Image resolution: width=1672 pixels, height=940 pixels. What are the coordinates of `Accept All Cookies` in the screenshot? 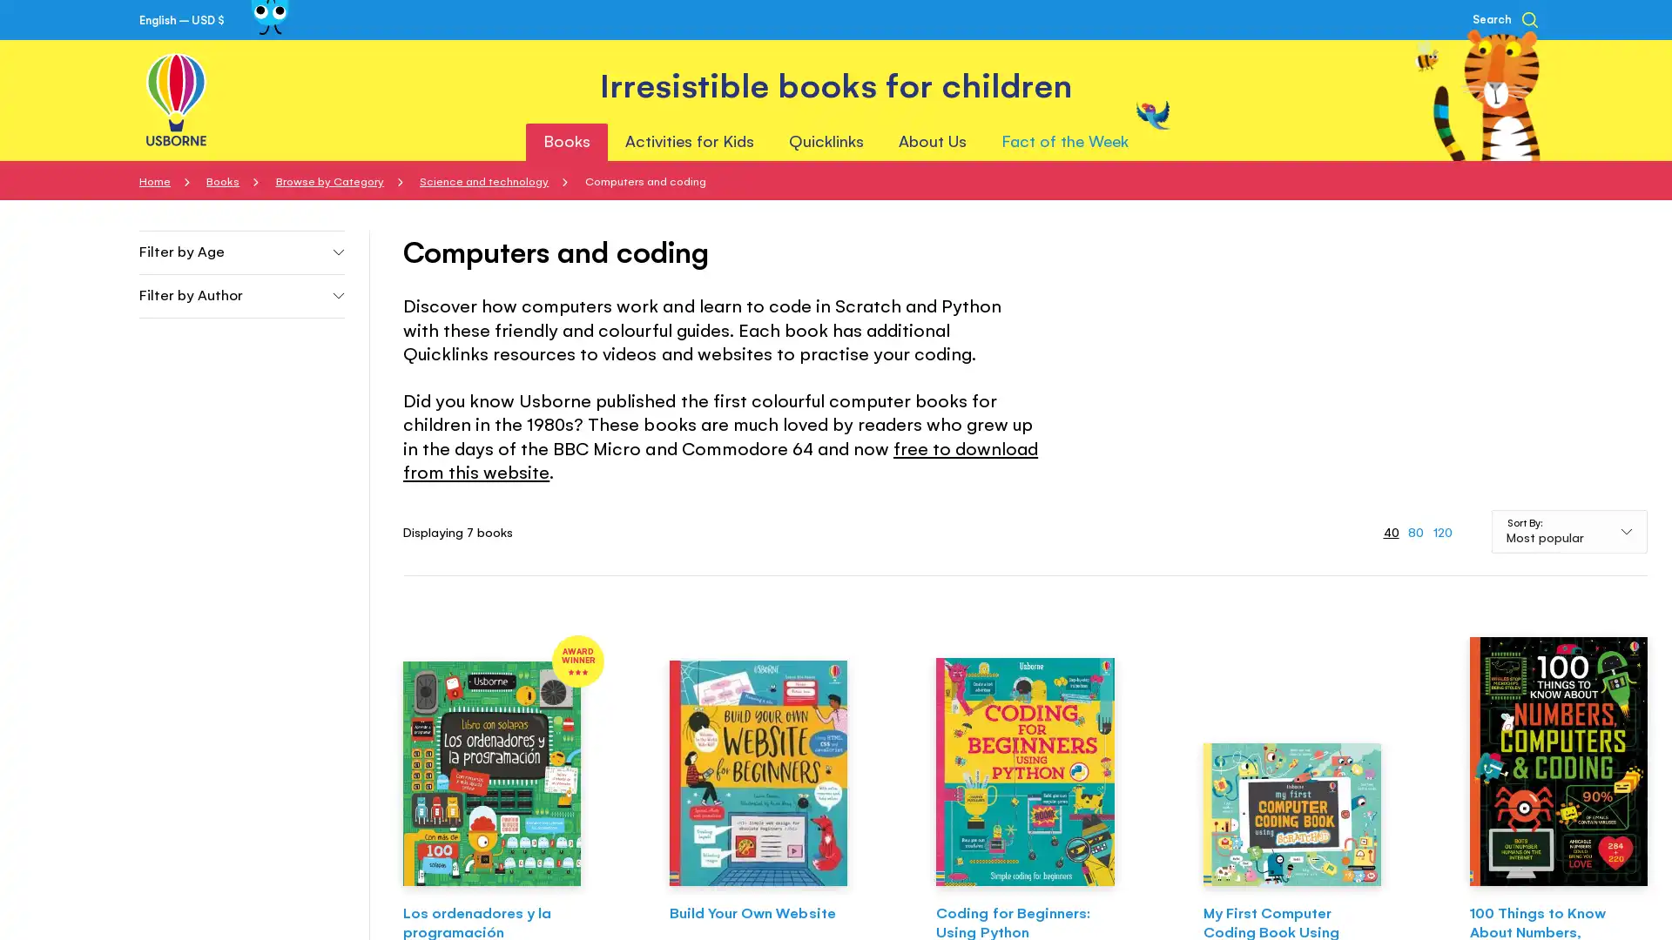 It's located at (171, 893).